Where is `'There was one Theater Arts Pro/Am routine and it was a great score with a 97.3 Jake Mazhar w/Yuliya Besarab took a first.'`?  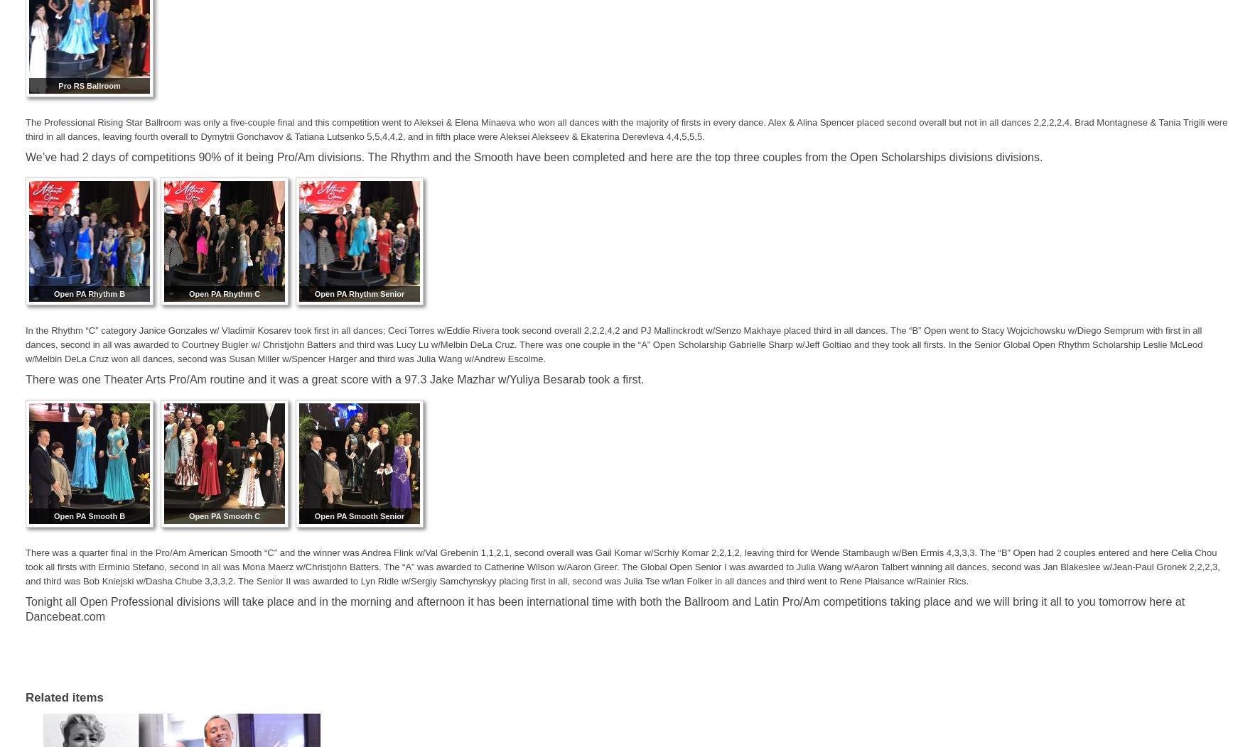
'There was one Theater Arts Pro/Am routine and it was a great score with a 97.3 Jake Mazhar w/Yuliya Besarab took a first.' is located at coordinates (334, 379).